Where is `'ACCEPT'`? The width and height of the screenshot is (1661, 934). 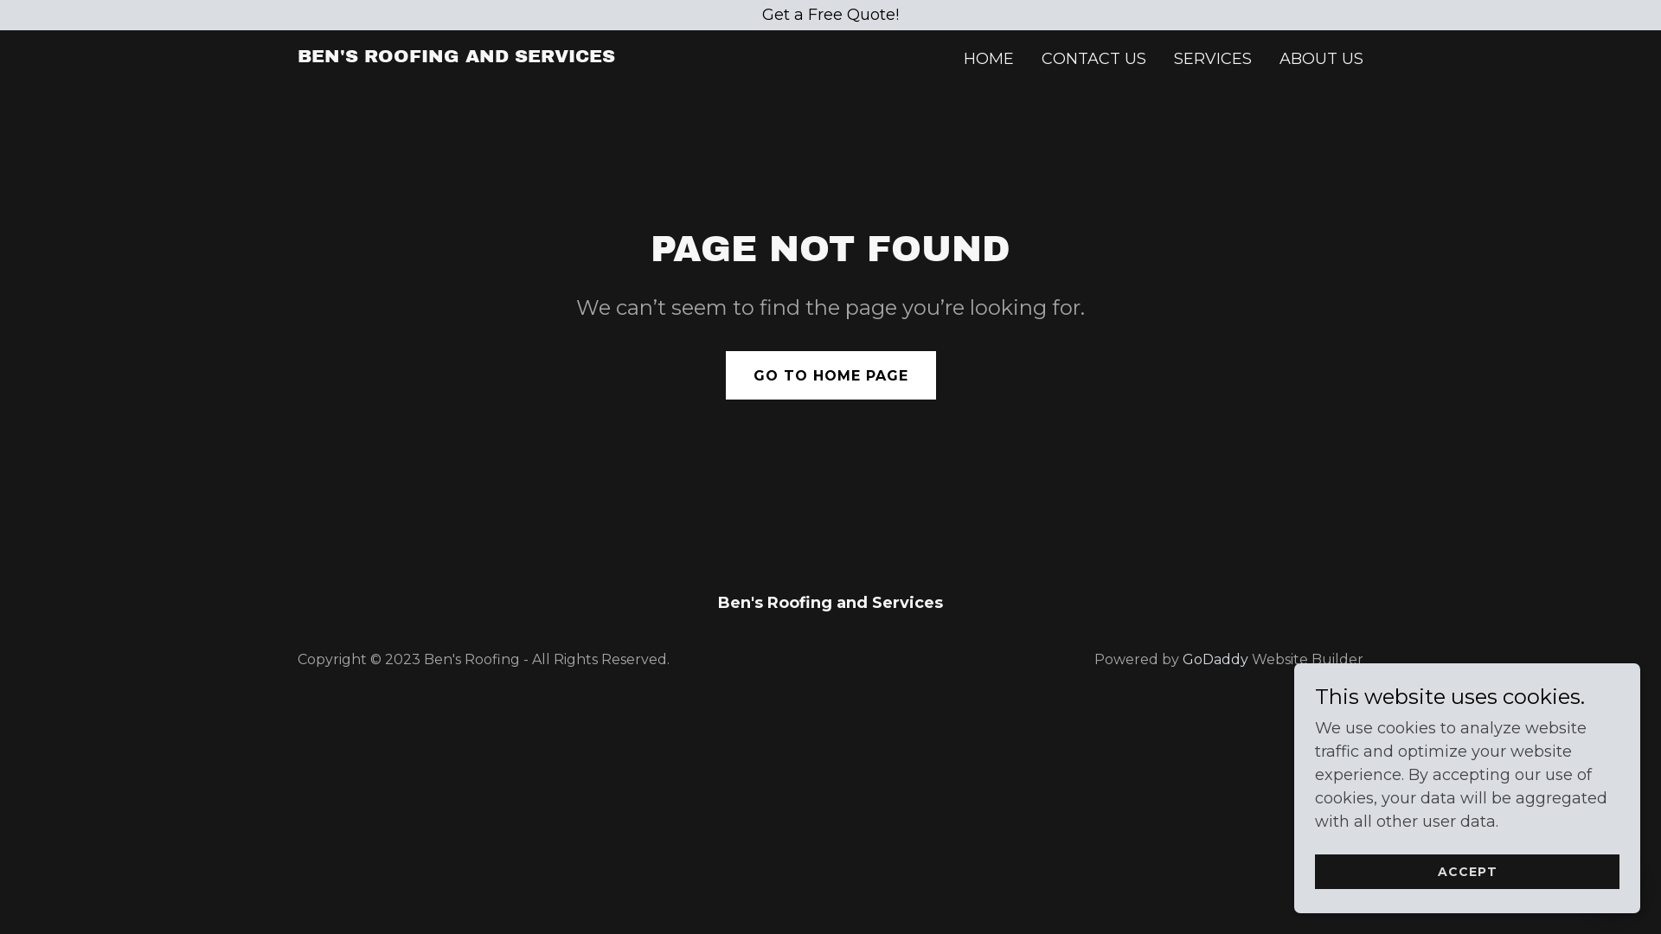
'ACCEPT' is located at coordinates (1465, 871).